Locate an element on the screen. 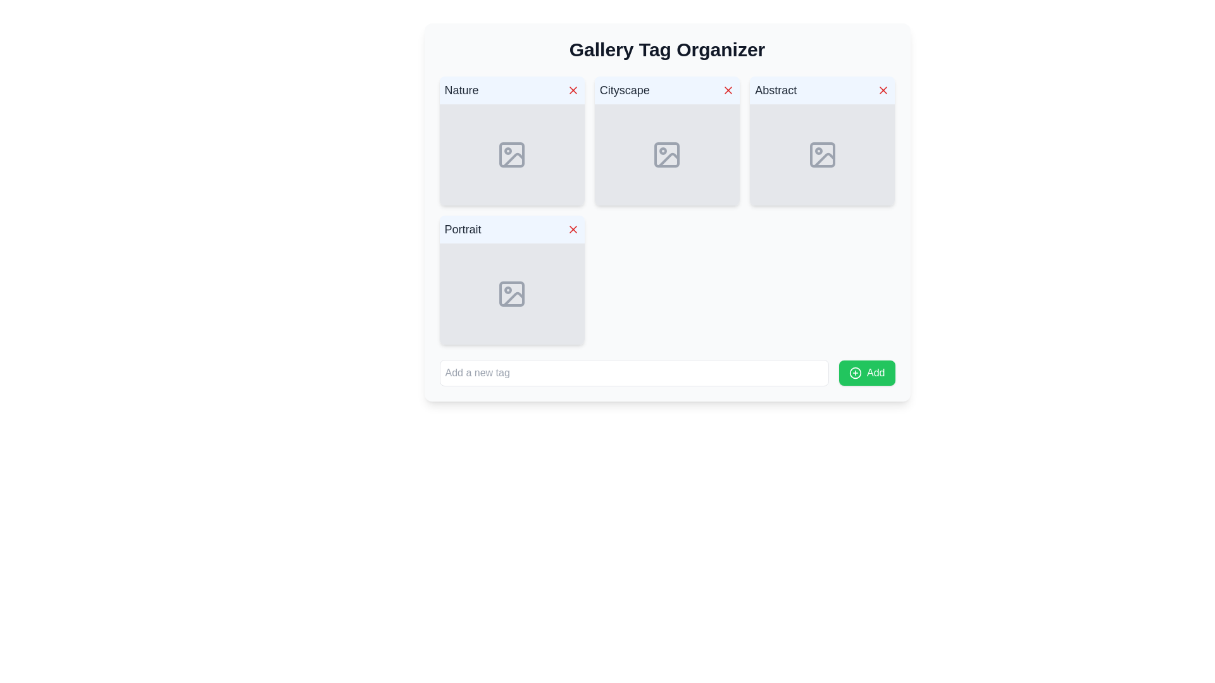 The width and height of the screenshot is (1215, 683). the 'Abstract' category card located in the top right corner of the grid is located at coordinates (822, 141).